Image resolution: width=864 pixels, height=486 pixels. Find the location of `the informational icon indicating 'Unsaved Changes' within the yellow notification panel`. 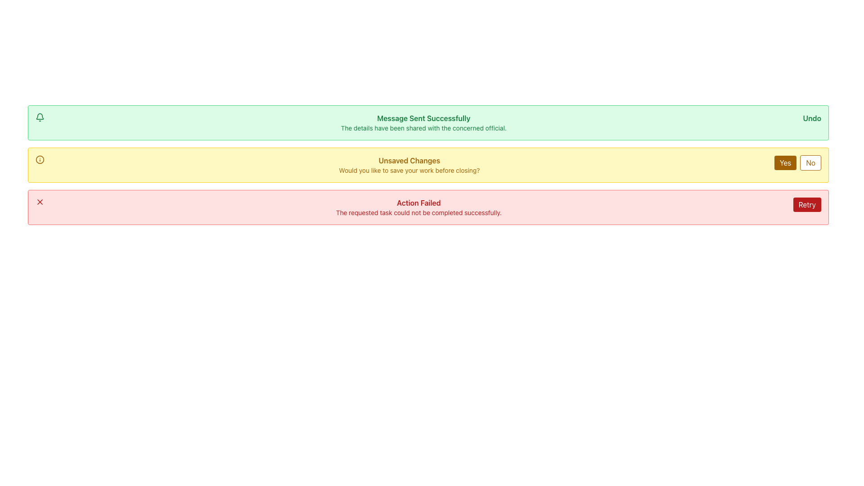

the informational icon indicating 'Unsaved Changes' within the yellow notification panel is located at coordinates (40, 159).